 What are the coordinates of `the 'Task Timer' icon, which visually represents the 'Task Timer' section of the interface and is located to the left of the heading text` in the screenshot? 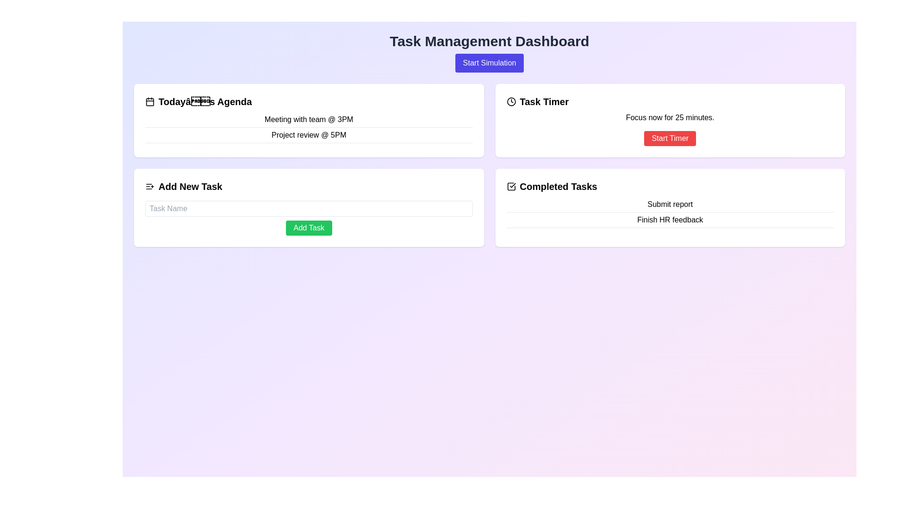 It's located at (511, 102).